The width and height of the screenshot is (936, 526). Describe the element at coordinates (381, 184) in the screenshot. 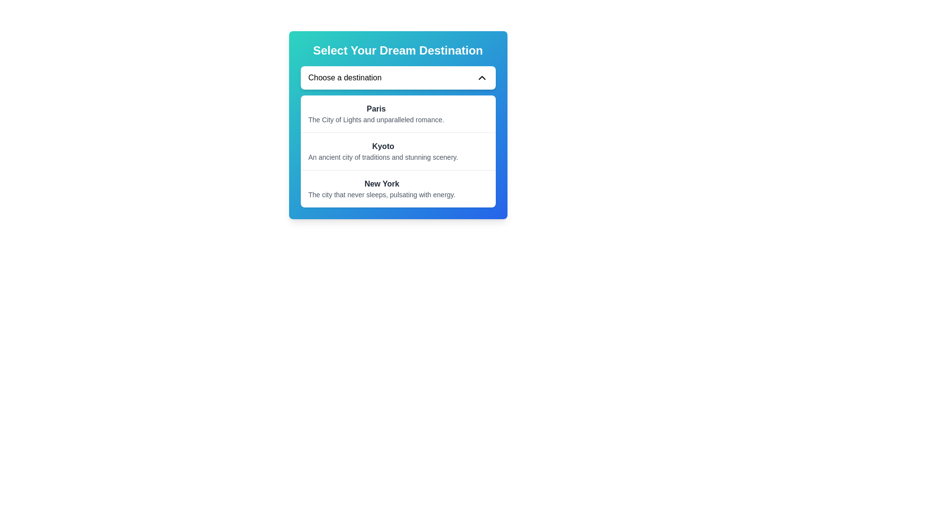

I see `the text label element displaying 'New York', which is positioned as the heading above the descriptive text in the third dropdown option group` at that location.